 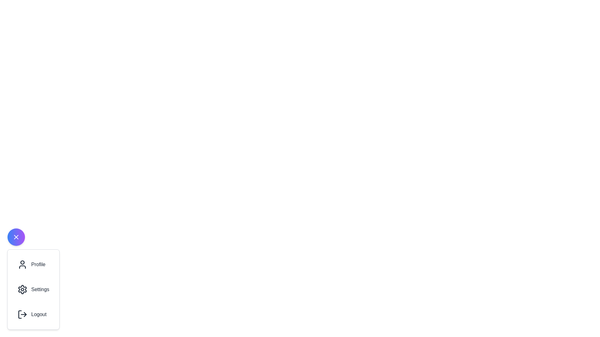 I want to click on floating button to toggle the visibility of the menu, so click(x=16, y=237).